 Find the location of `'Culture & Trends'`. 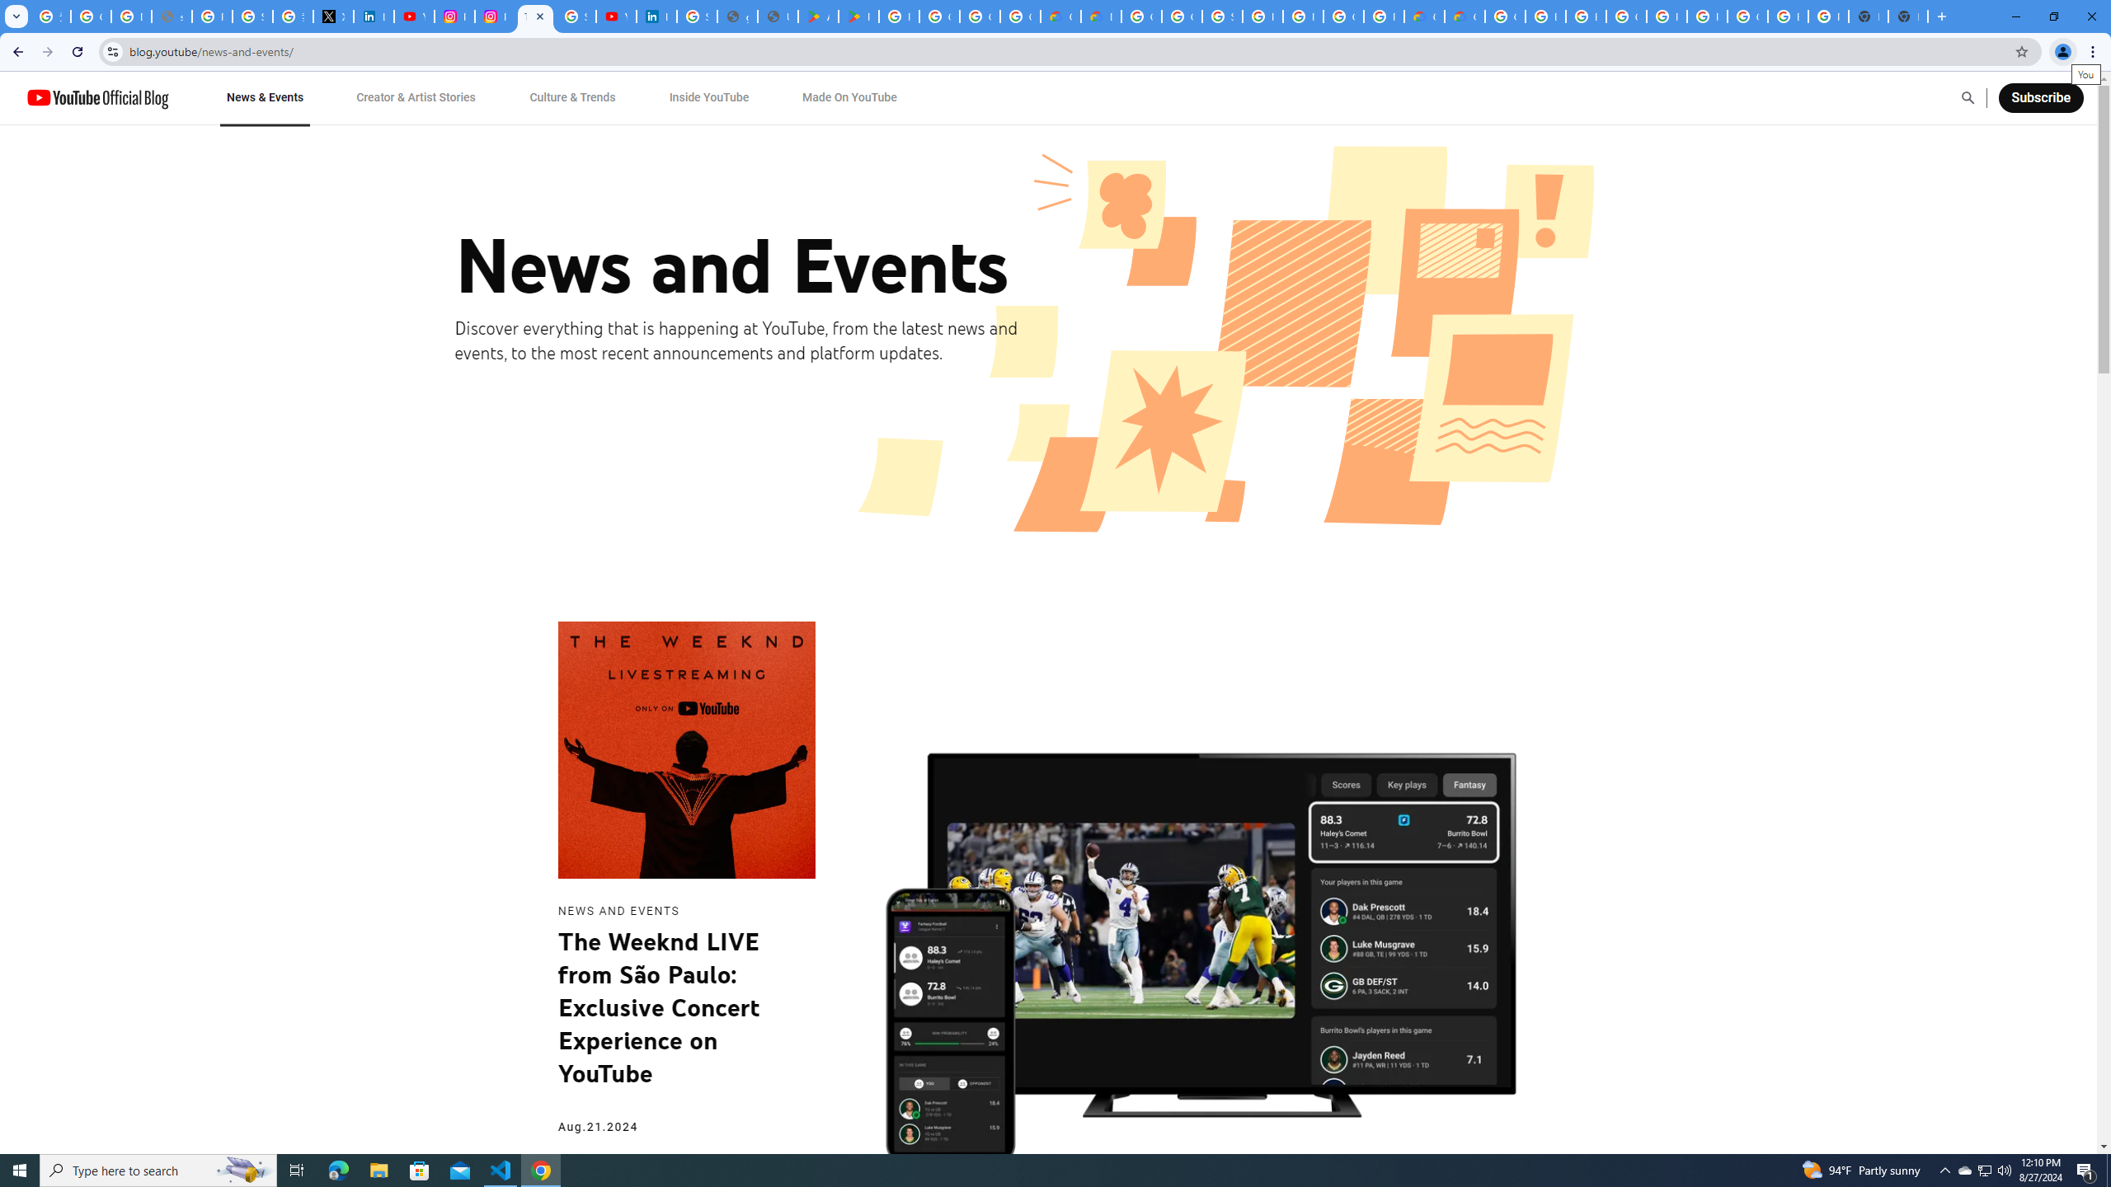

'Culture & Trends' is located at coordinates (572, 97).